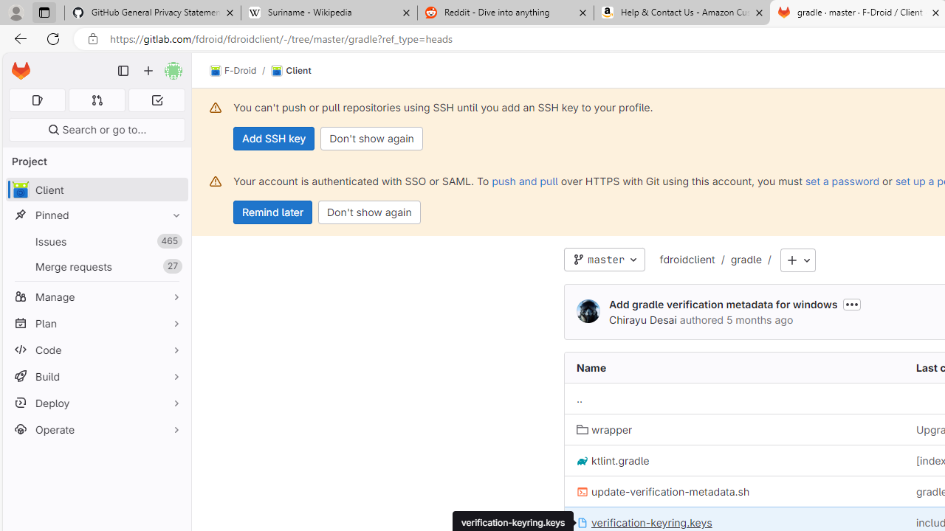 This screenshot has height=531, width=945. Describe the element at coordinates (96, 266) in the screenshot. I see `'Merge requests27'` at that location.